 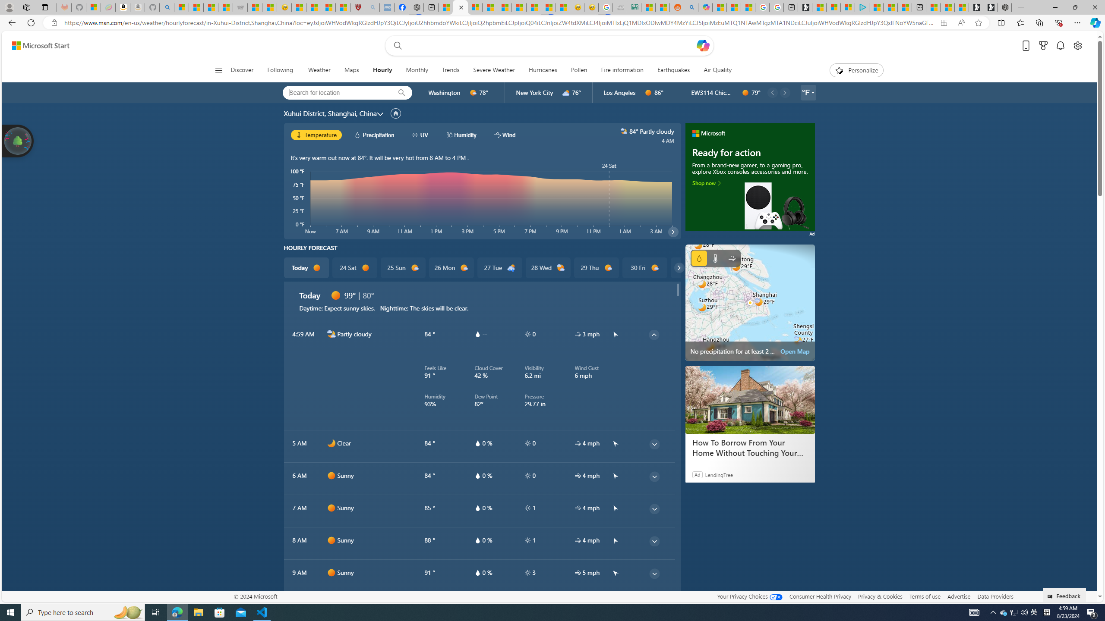 I want to click on '29 Thu d1000', so click(x=596, y=267).